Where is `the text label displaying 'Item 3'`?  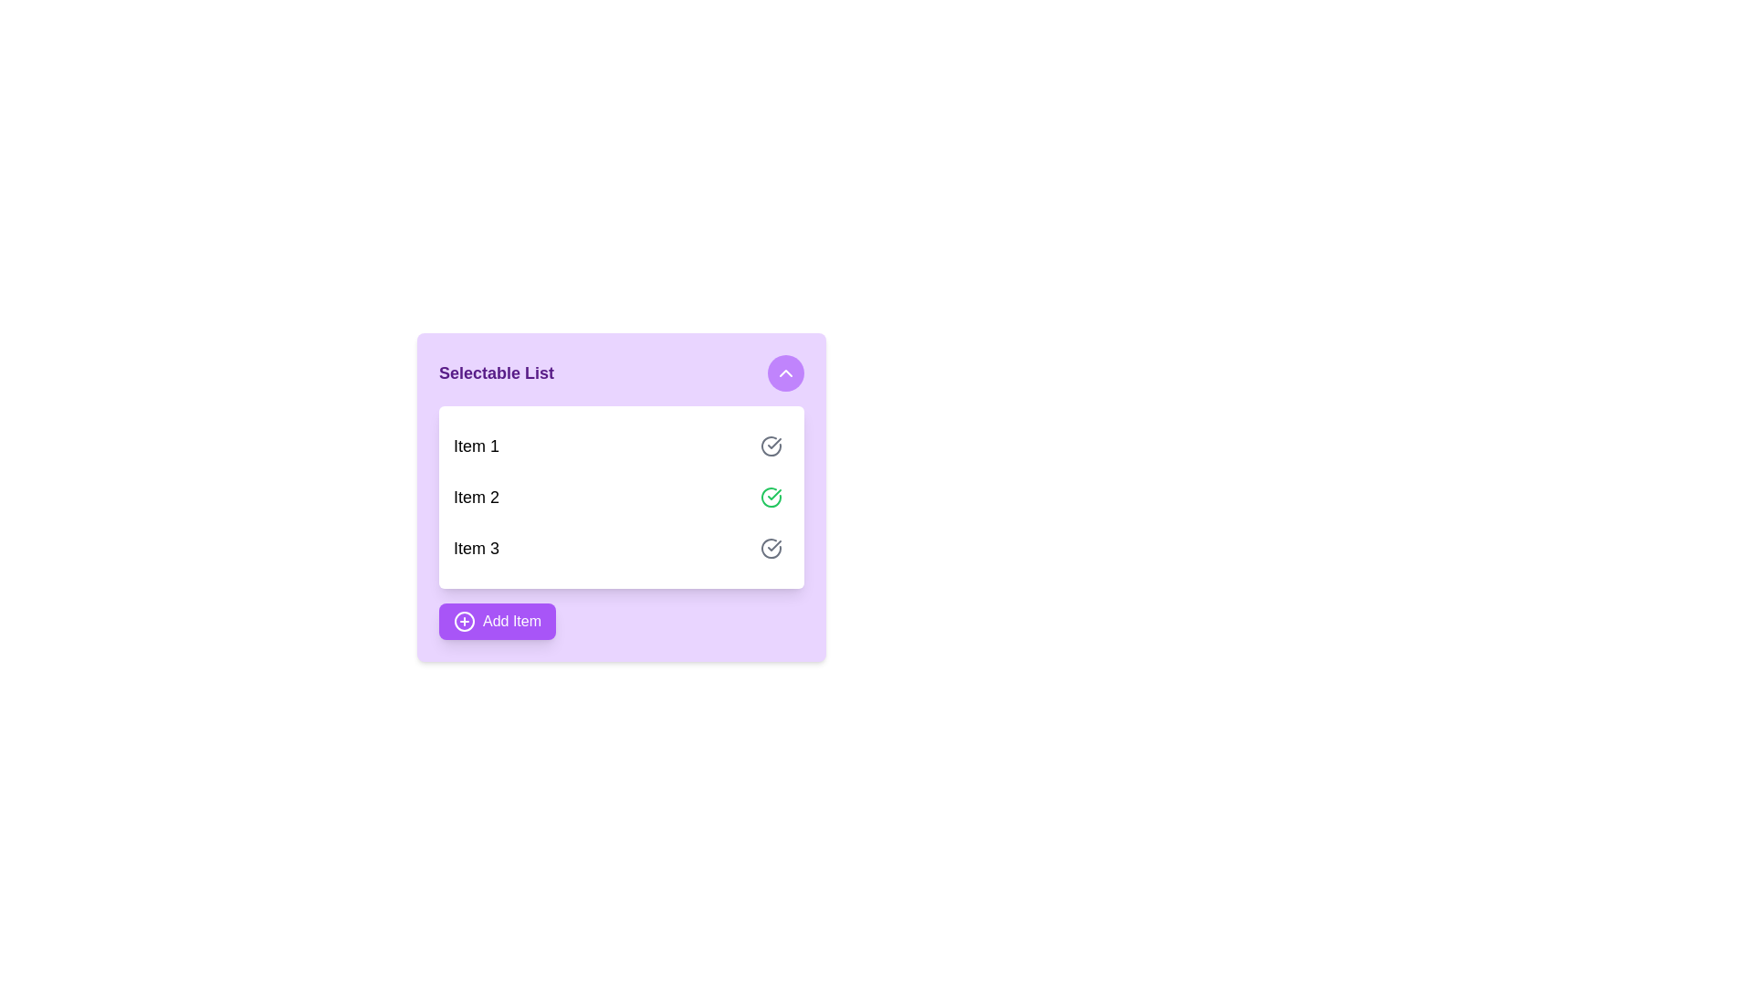
the text label displaying 'Item 3' is located at coordinates (477, 548).